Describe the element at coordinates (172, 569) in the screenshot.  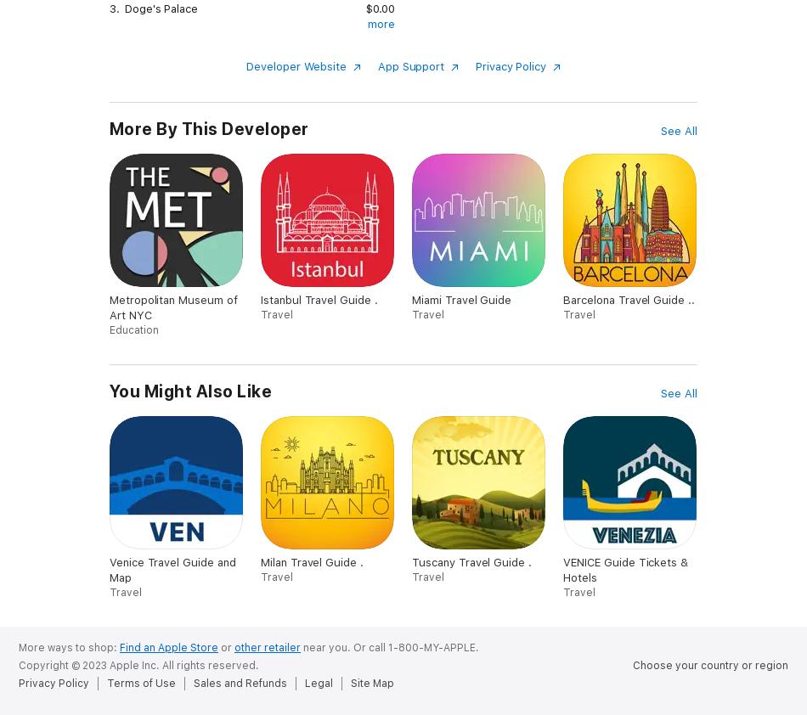
I see `'Venice Travel Guide and Map'` at that location.